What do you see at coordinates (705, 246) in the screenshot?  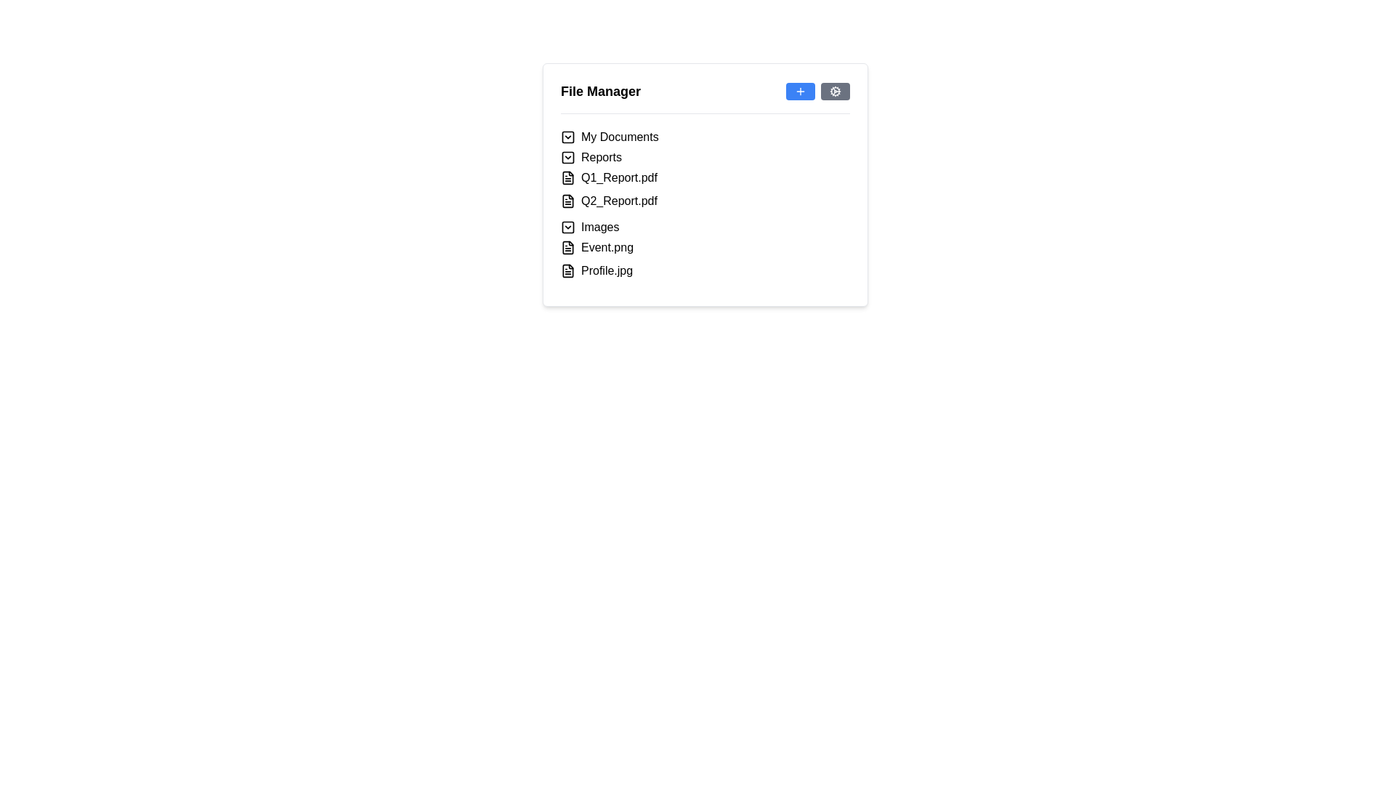 I see `the file entry labeled 'Event.png'` at bounding box center [705, 246].